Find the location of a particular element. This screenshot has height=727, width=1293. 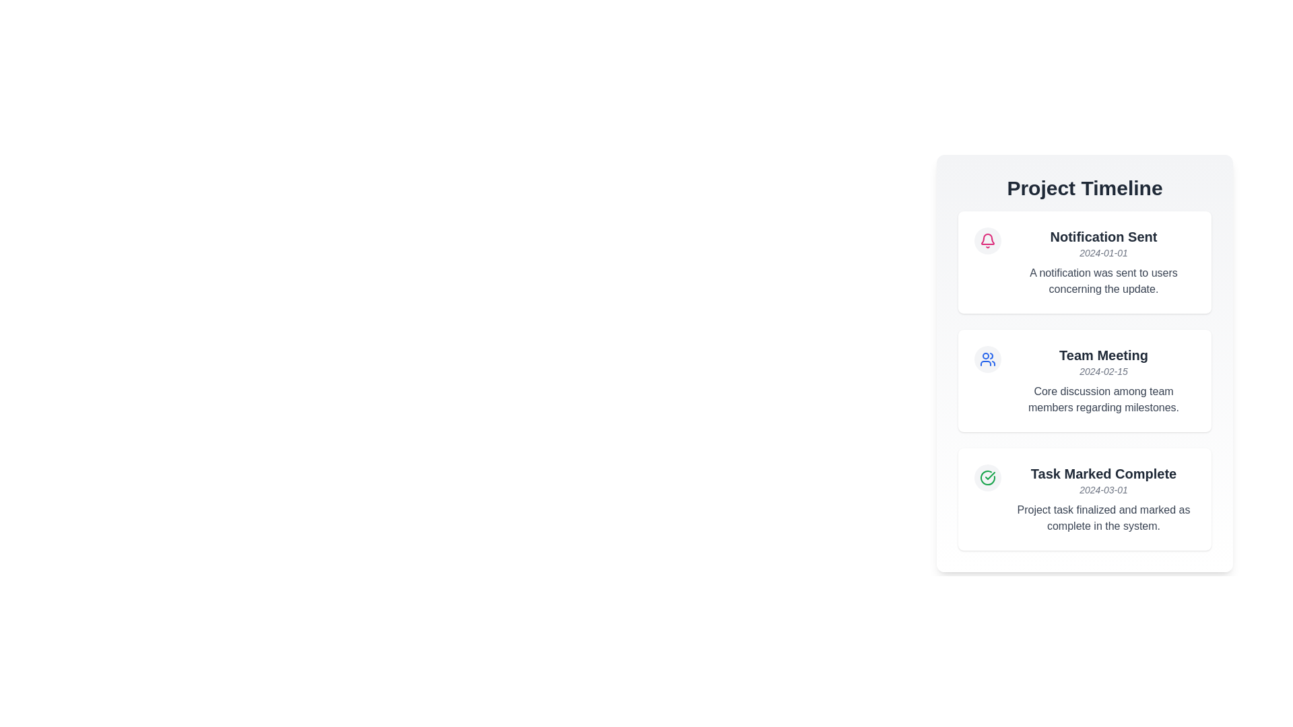

the circular icon with a light gray background and a green checkmark, located in the card titled 'Task Marked Complete' in the top-left corner is located at coordinates (988, 477).